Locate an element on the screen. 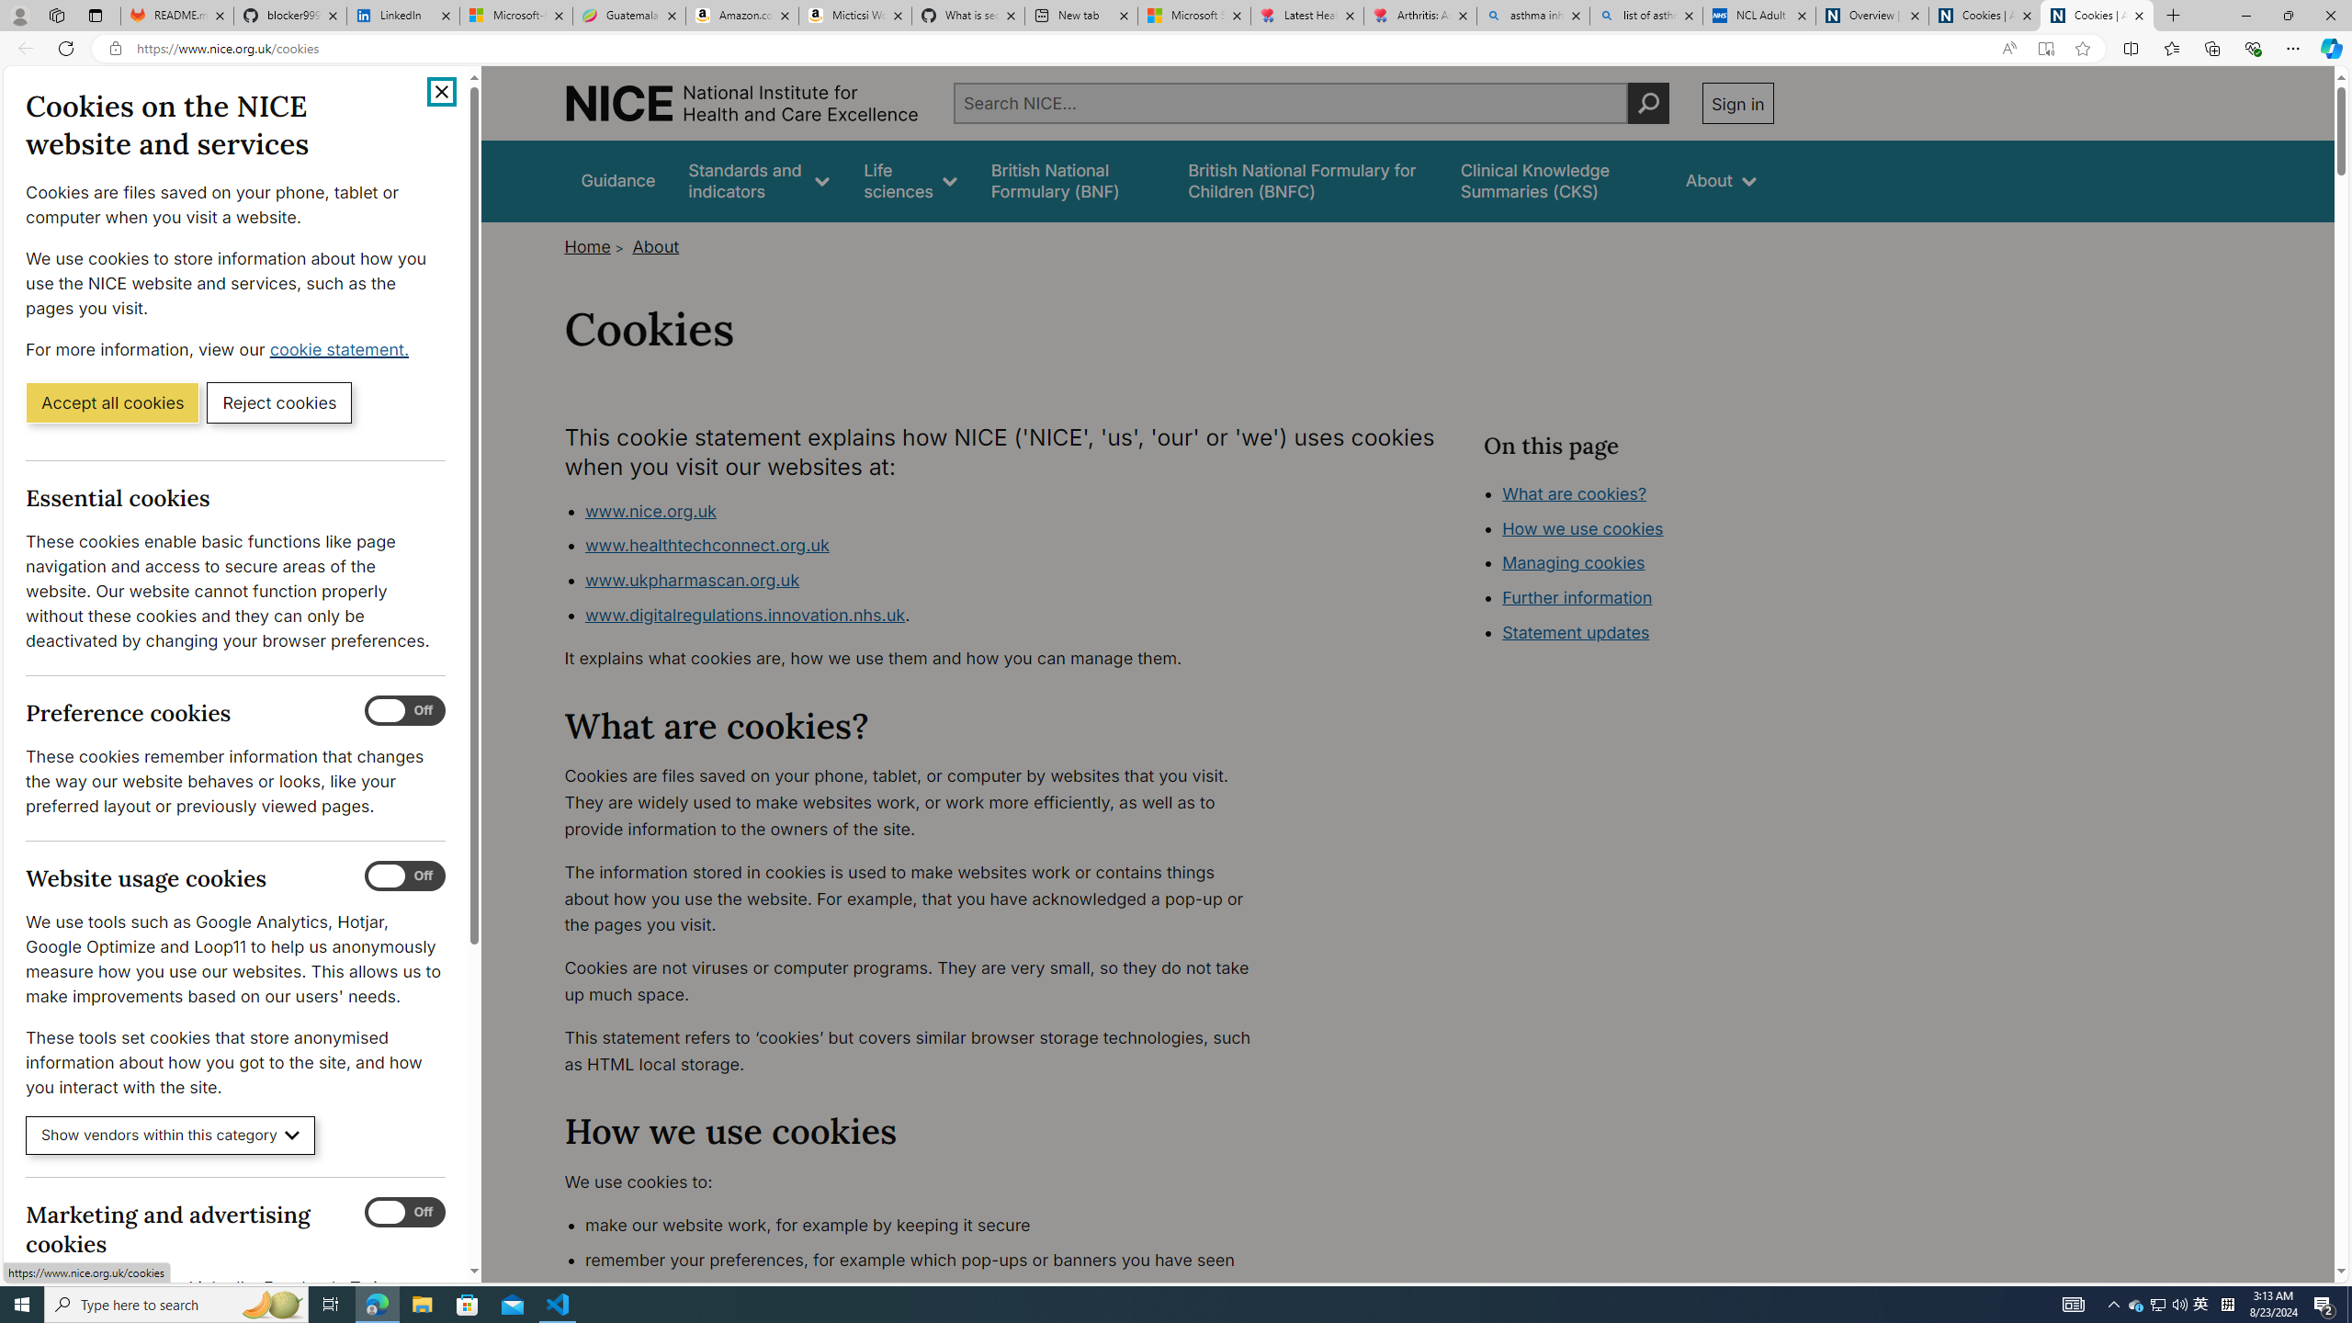 Image resolution: width=2352 pixels, height=1323 pixels. 'www.digitalregulations.innovation.nhs.uk' is located at coordinates (744, 613).